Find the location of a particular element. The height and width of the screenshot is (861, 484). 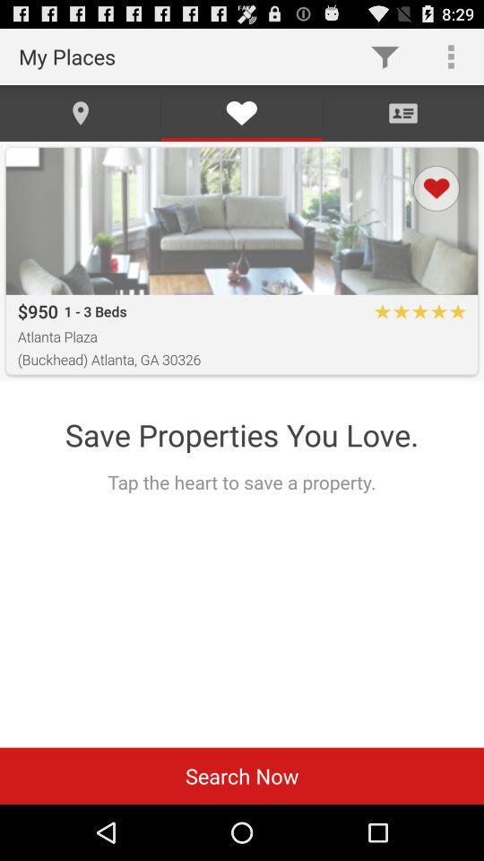

search now at the bottom is located at coordinates (242, 775).